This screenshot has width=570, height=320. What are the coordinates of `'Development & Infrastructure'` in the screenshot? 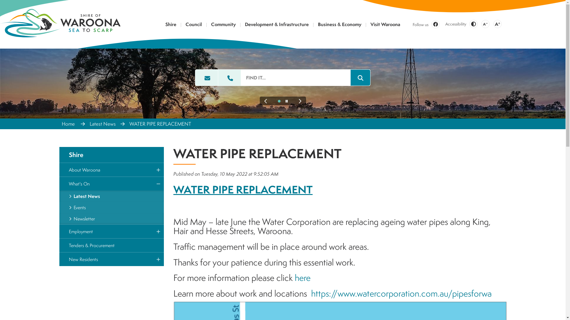 It's located at (276, 26).